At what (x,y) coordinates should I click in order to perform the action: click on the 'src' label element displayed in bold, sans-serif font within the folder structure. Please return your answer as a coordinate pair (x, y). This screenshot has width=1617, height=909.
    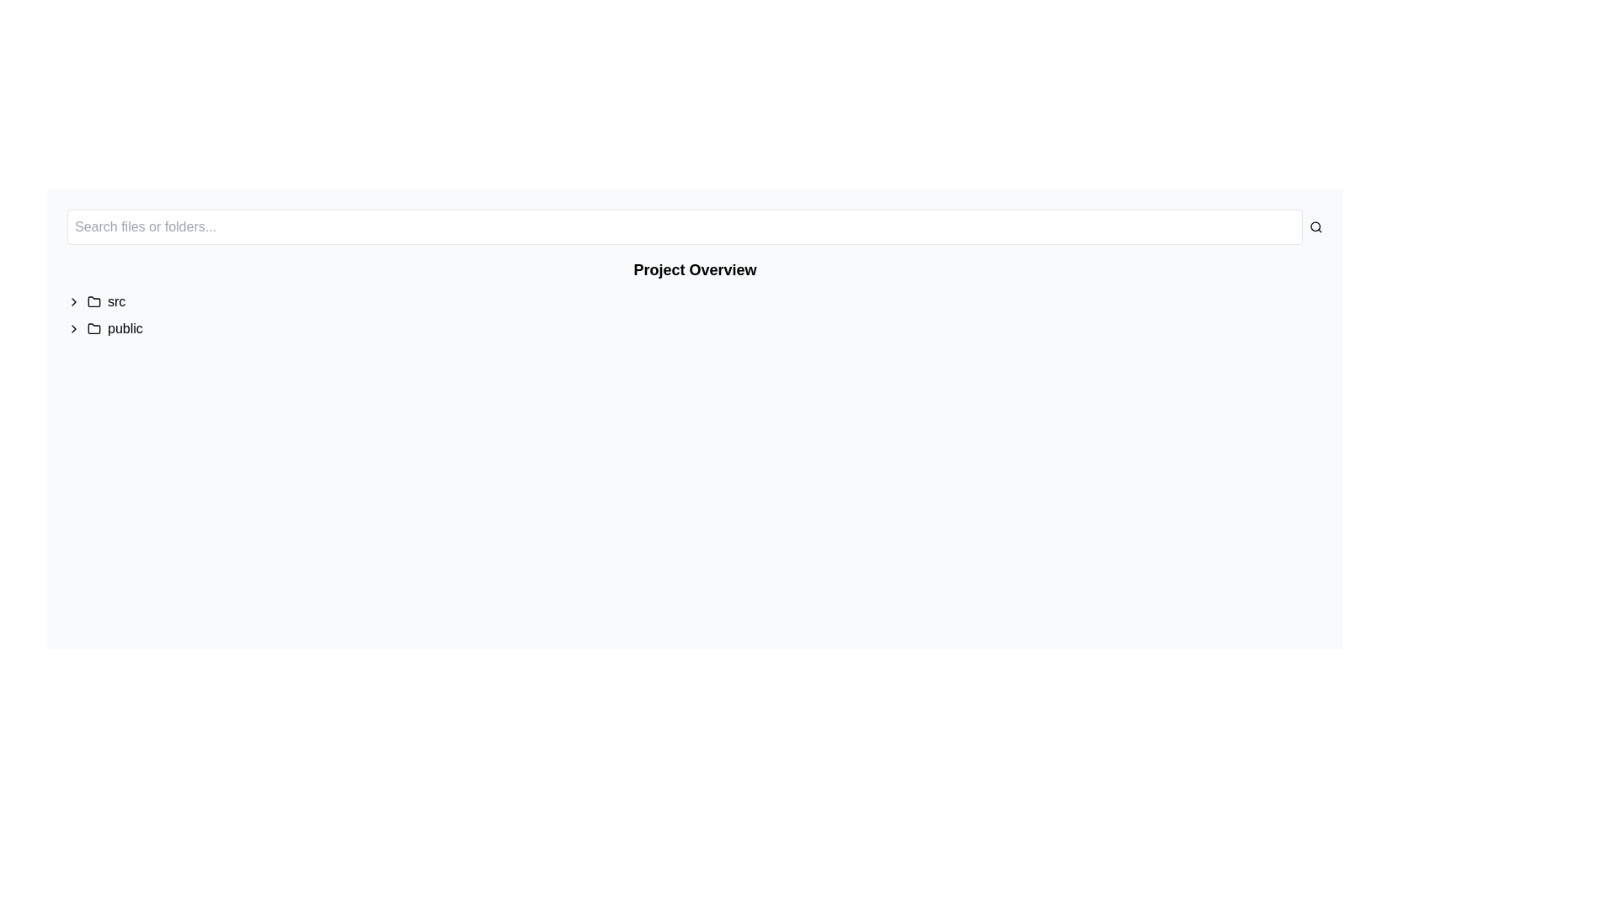
    Looking at the image, I should click on (115, 300).